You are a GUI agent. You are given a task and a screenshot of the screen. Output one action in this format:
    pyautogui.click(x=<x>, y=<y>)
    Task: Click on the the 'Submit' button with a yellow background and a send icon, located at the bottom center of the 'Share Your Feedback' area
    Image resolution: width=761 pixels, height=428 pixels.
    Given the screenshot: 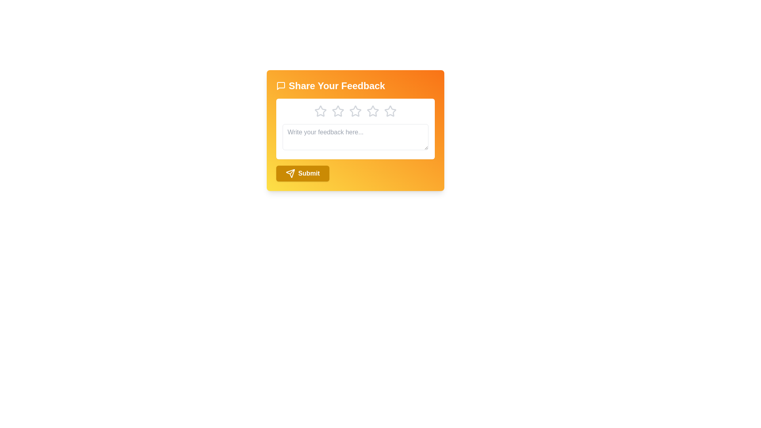 What is the action you would take?
    pyautogui.click(x=302, y=173)
    